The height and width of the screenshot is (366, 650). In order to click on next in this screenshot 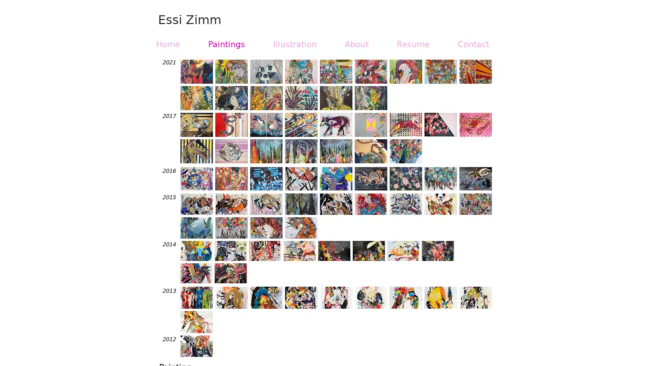, I will do `click(474, 267)`.